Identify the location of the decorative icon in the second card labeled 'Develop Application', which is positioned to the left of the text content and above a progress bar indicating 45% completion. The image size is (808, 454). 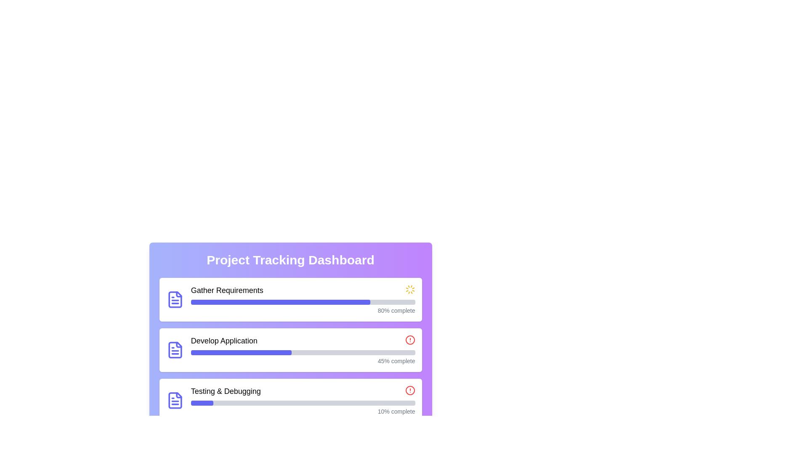
(175, 350).